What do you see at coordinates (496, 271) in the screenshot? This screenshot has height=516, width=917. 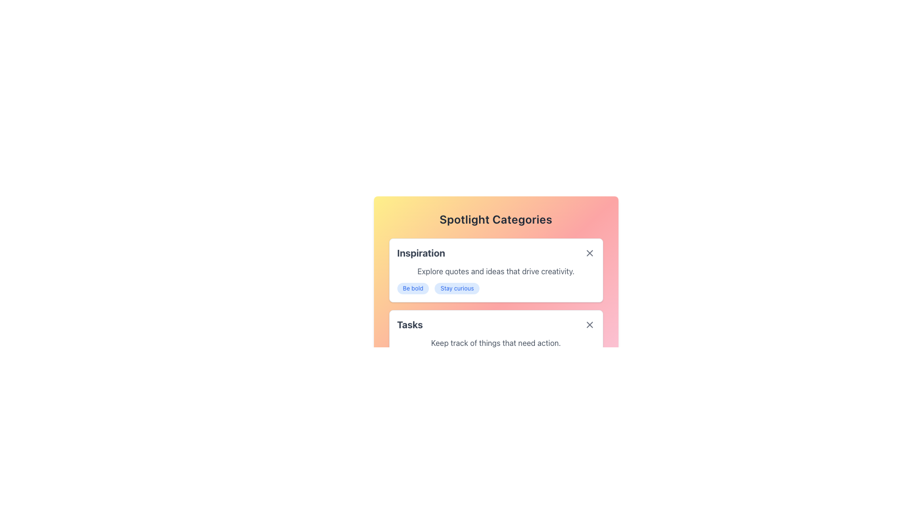 I see `the text element displaying a motivational quote located in the middle section of the 'Inspiration' card, situated below the title 'Inspiration' and above the tag buttons 'Be bold' and 'Stay curious'` at bounding box center [496, 271].